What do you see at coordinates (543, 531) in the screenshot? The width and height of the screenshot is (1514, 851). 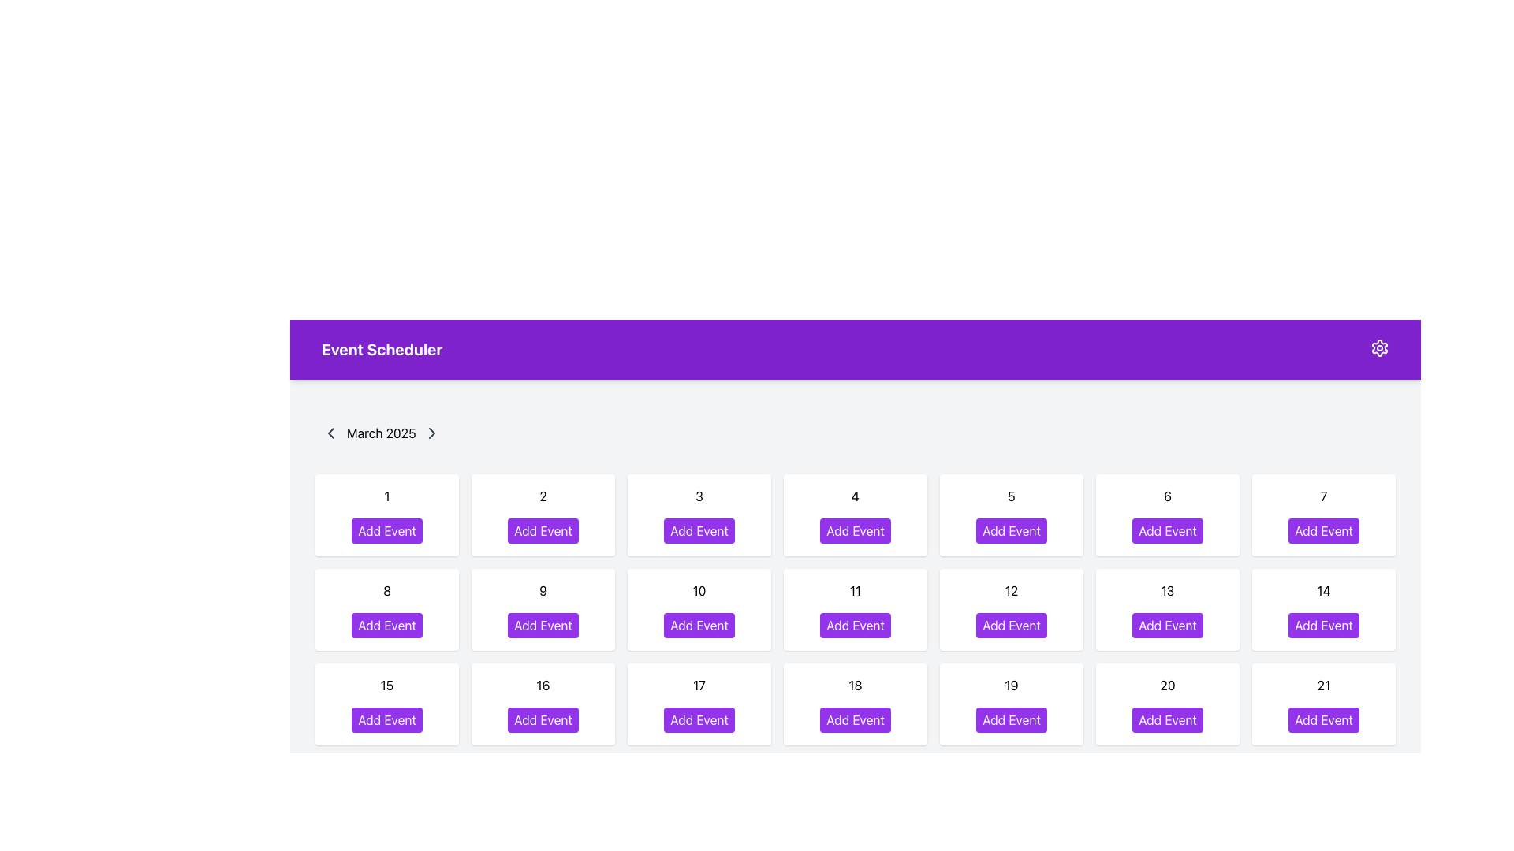 I see `the 'Add Event' button located in the second column of the first row of the grid layout, which has a purple background that darkens on hover` at bounding box center [543, 531].